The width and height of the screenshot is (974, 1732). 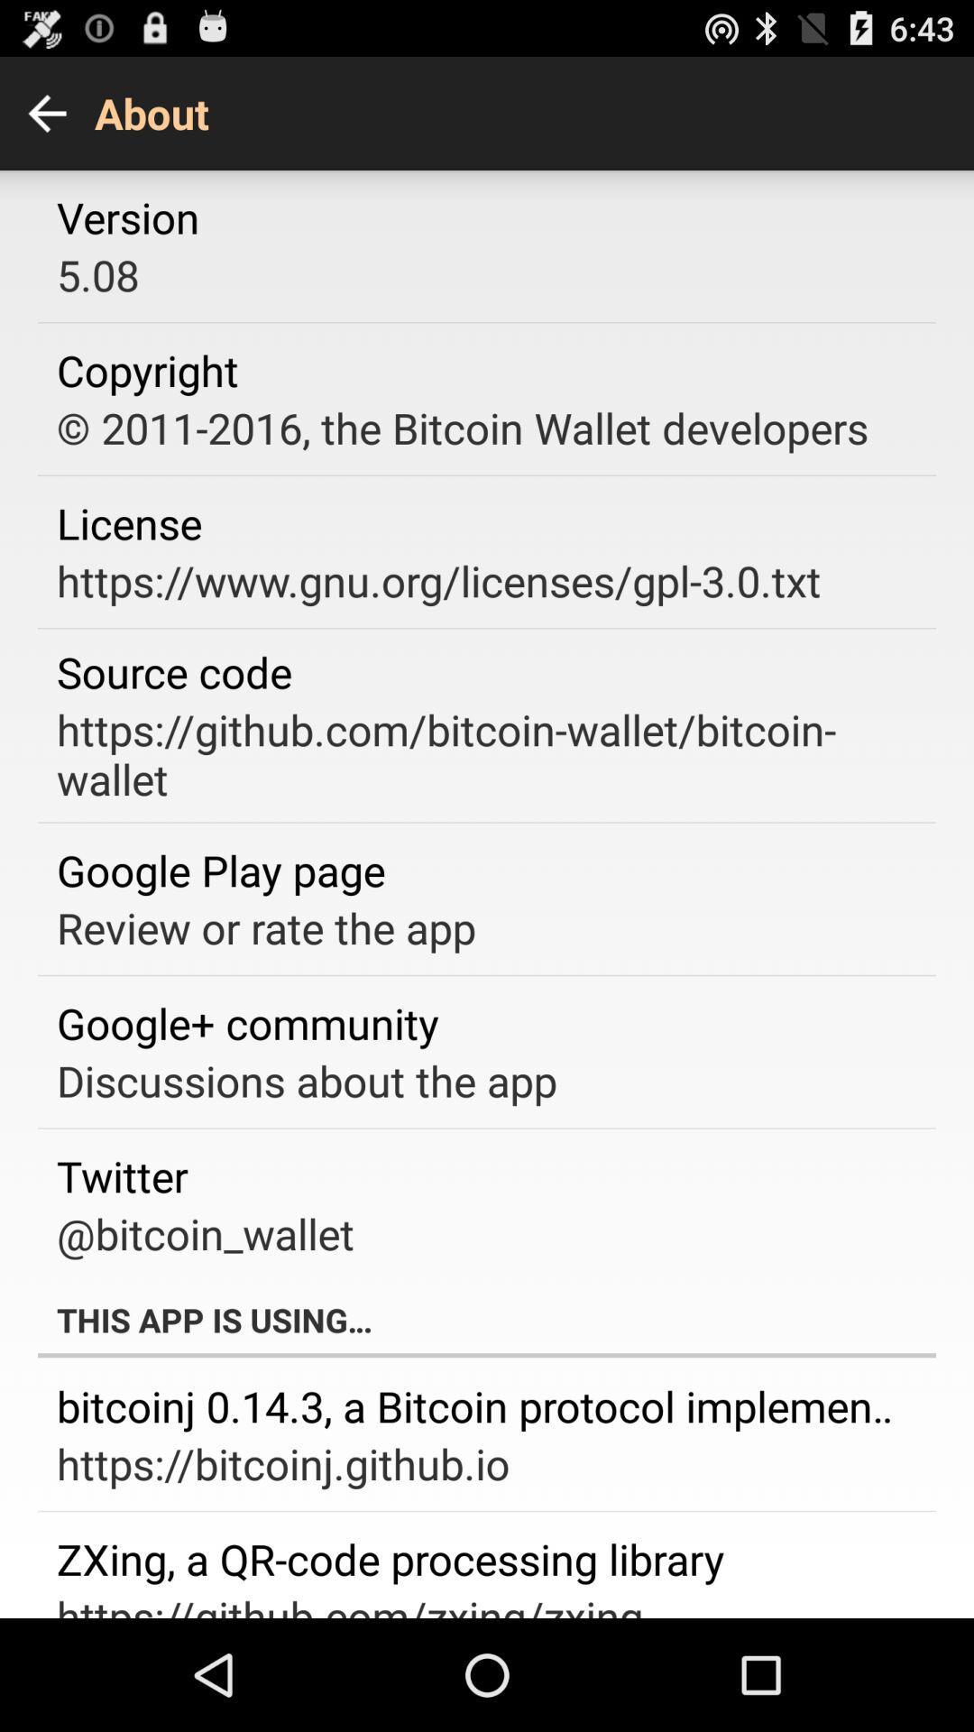 What do you see at coordinates (174, 671) in the screenshot?
I see `the app below the https www gnu` at bounding box center [174, 671].